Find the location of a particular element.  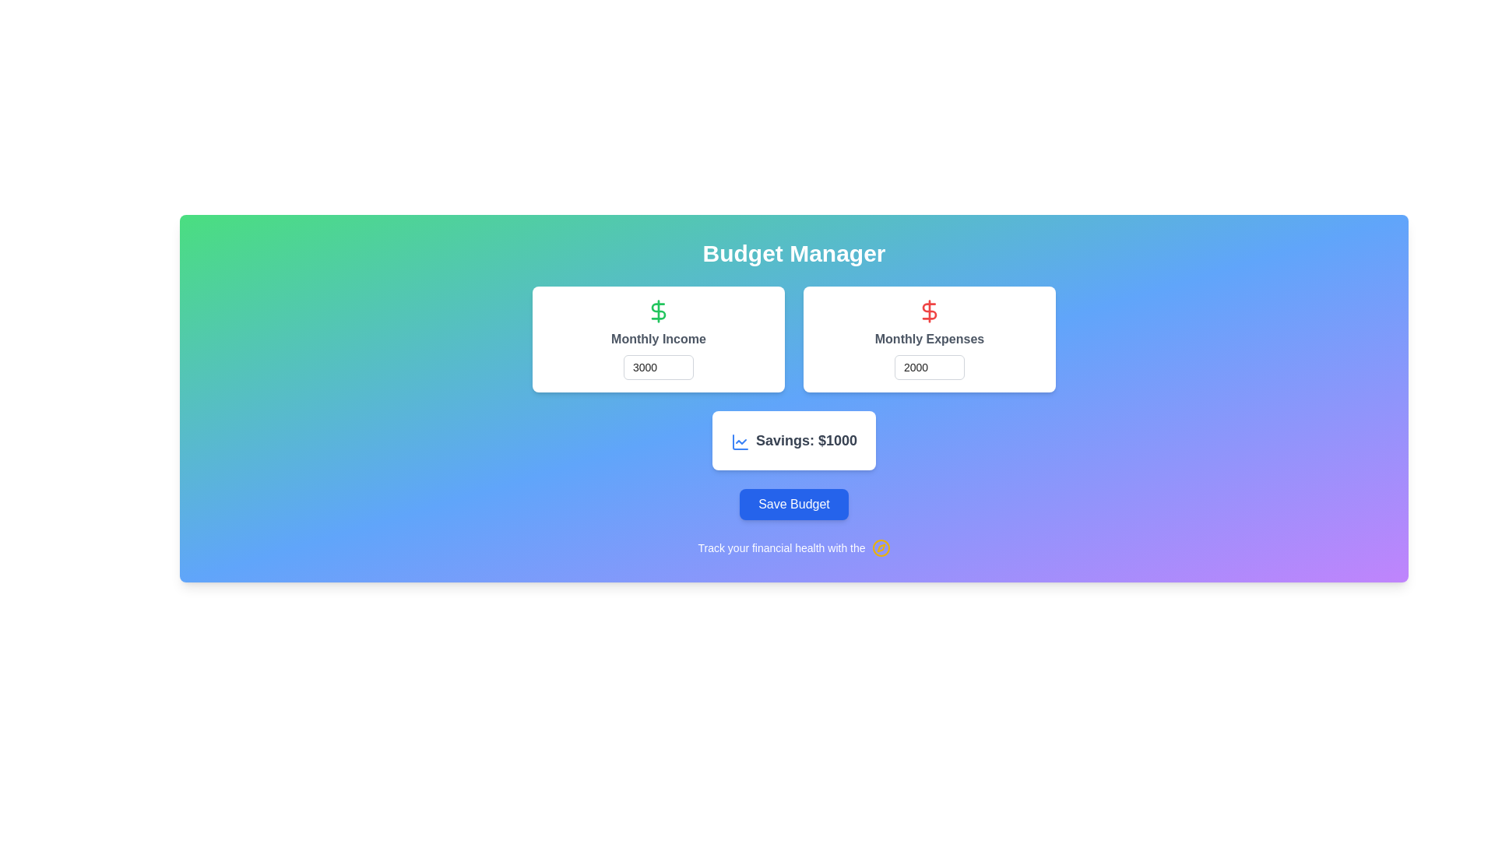

the decrement button located in the 'Monthly Expenses' section, positioned to the bottom-right of the input number field is located at coordinates (963, 373).